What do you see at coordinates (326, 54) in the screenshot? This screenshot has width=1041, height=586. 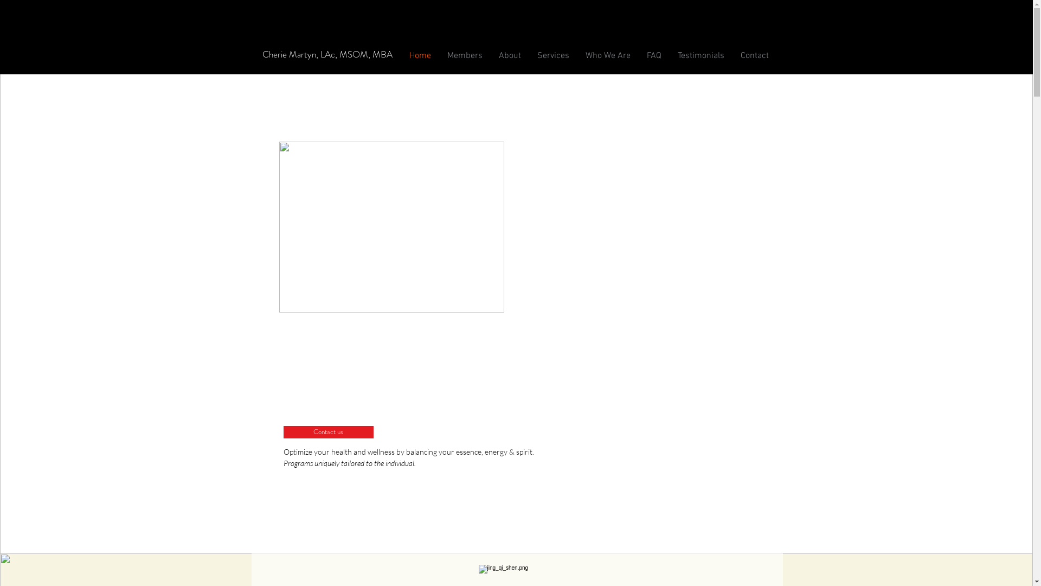 I see `'Cherie Martyn, LAc, MSOM, MBA'` at bounding box center [326, 54].